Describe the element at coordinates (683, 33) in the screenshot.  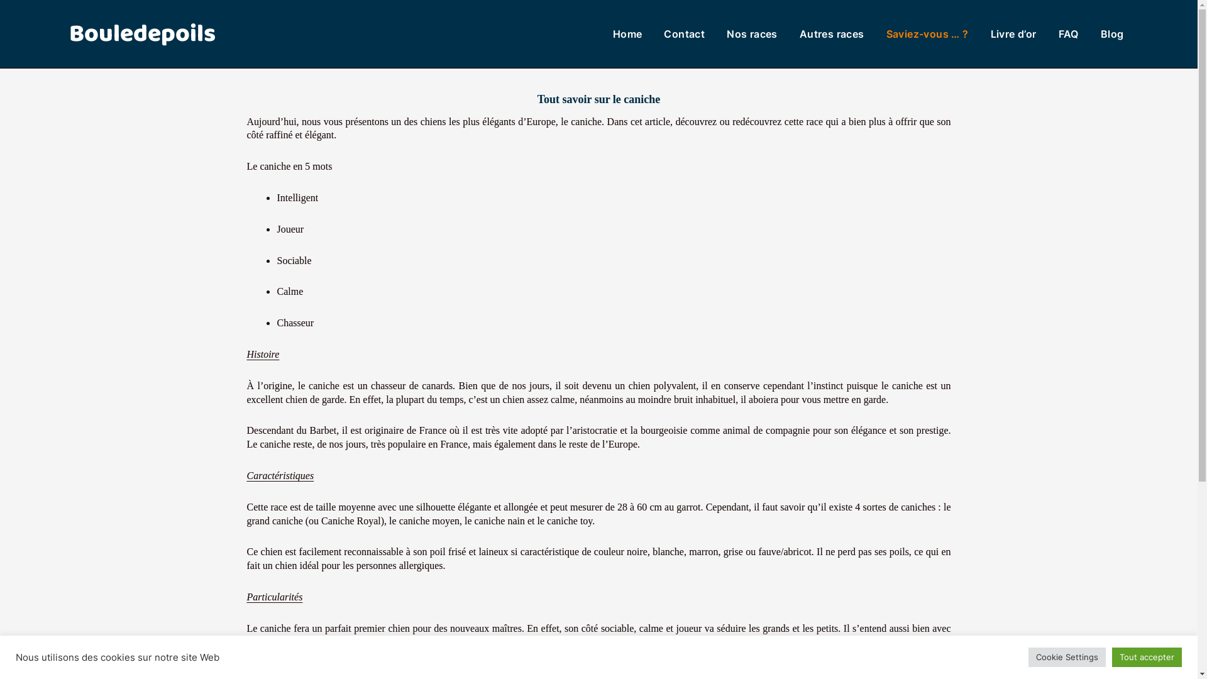
I see `'Contact'` at that location.